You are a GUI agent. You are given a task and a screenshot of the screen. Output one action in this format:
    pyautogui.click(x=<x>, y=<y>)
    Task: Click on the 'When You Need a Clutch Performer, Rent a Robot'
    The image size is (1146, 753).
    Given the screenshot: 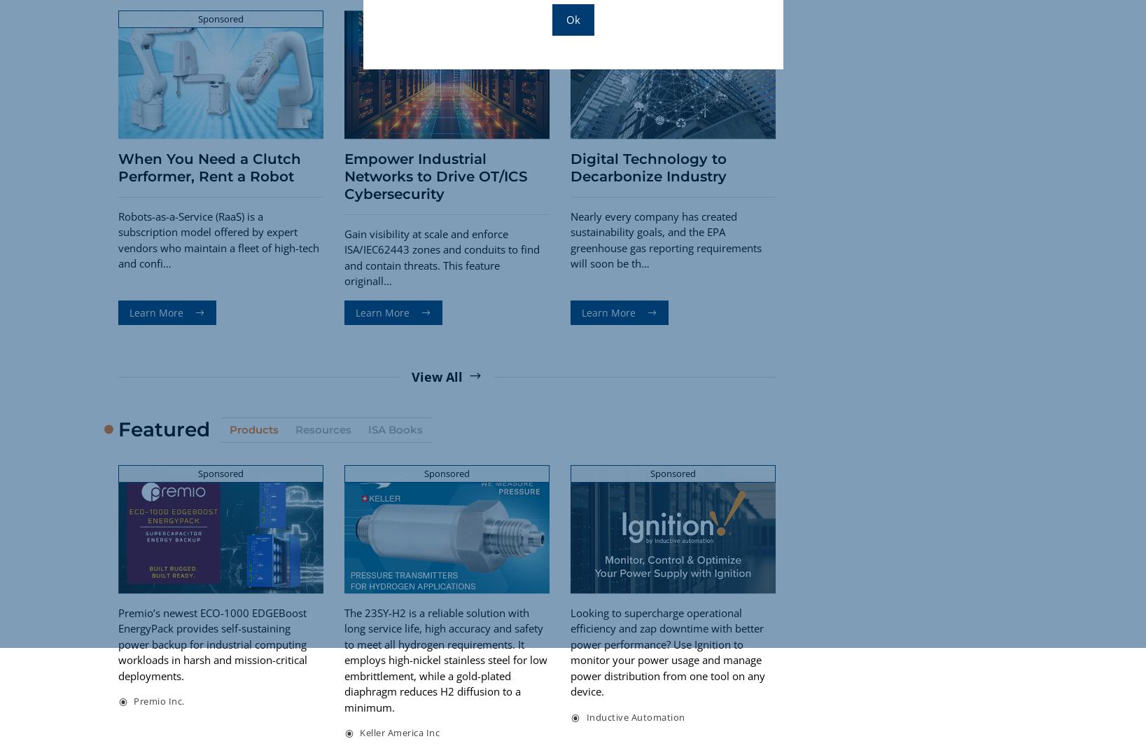 What is the action you would take?
    pyautogui.click(x=208, y=166)
    